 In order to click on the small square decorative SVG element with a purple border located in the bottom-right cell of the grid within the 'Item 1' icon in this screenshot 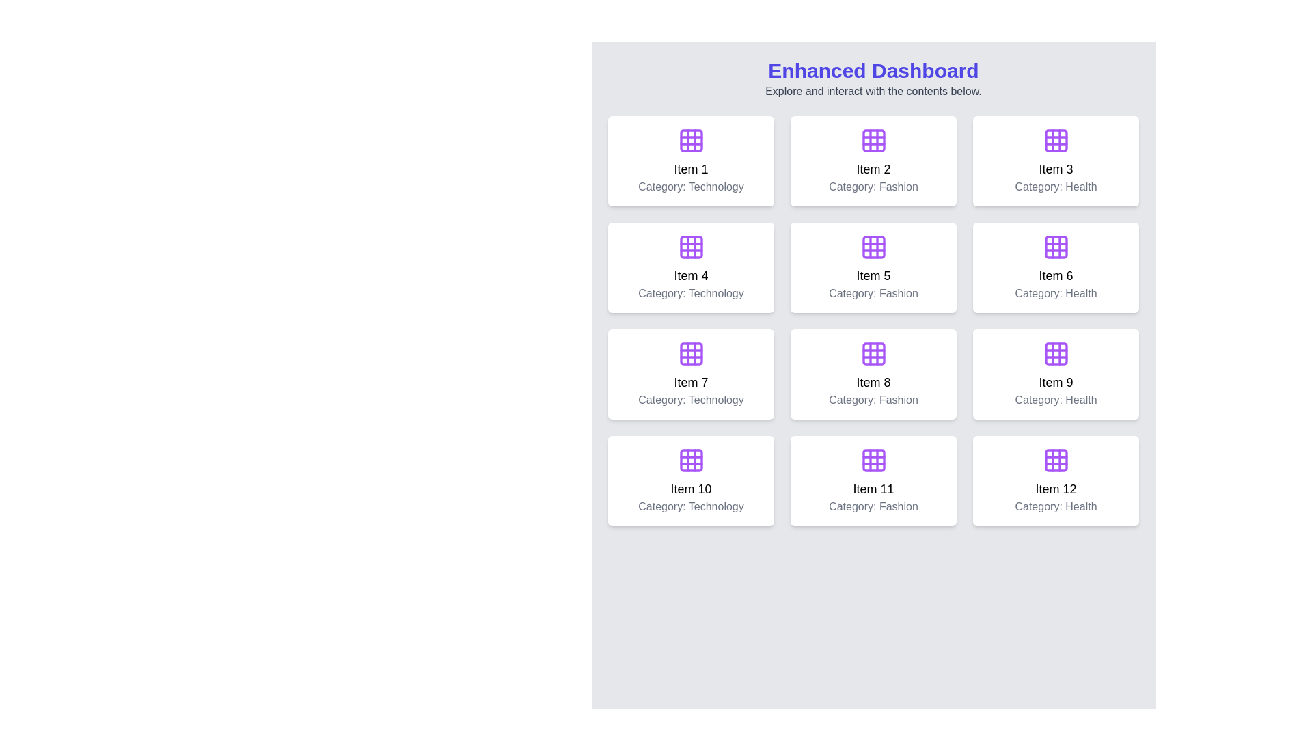, I will do `click(691, 140)`.